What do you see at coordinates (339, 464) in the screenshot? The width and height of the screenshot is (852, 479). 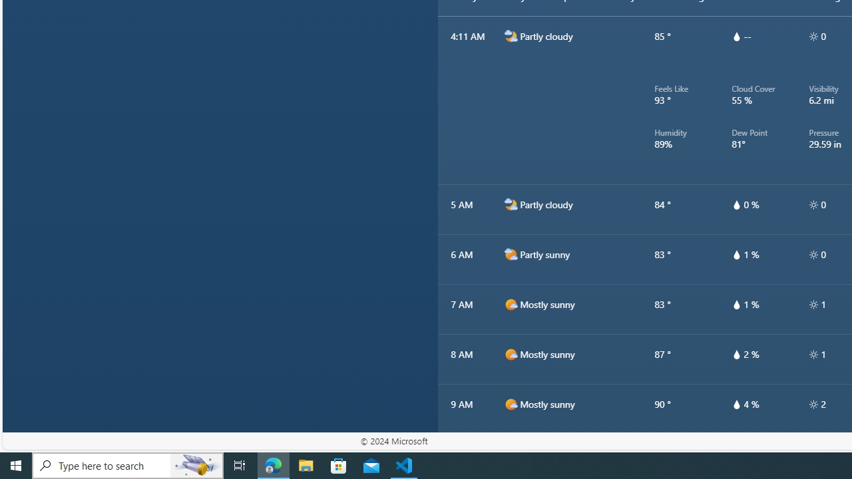 I see `'Microsoft Store'` at bounding box center [339, 464].